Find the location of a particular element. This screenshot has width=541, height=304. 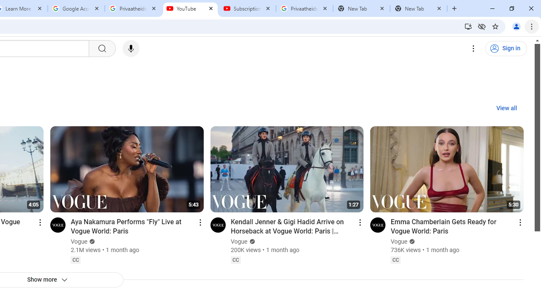

'Action menu' is located at coordinates (519, 222).